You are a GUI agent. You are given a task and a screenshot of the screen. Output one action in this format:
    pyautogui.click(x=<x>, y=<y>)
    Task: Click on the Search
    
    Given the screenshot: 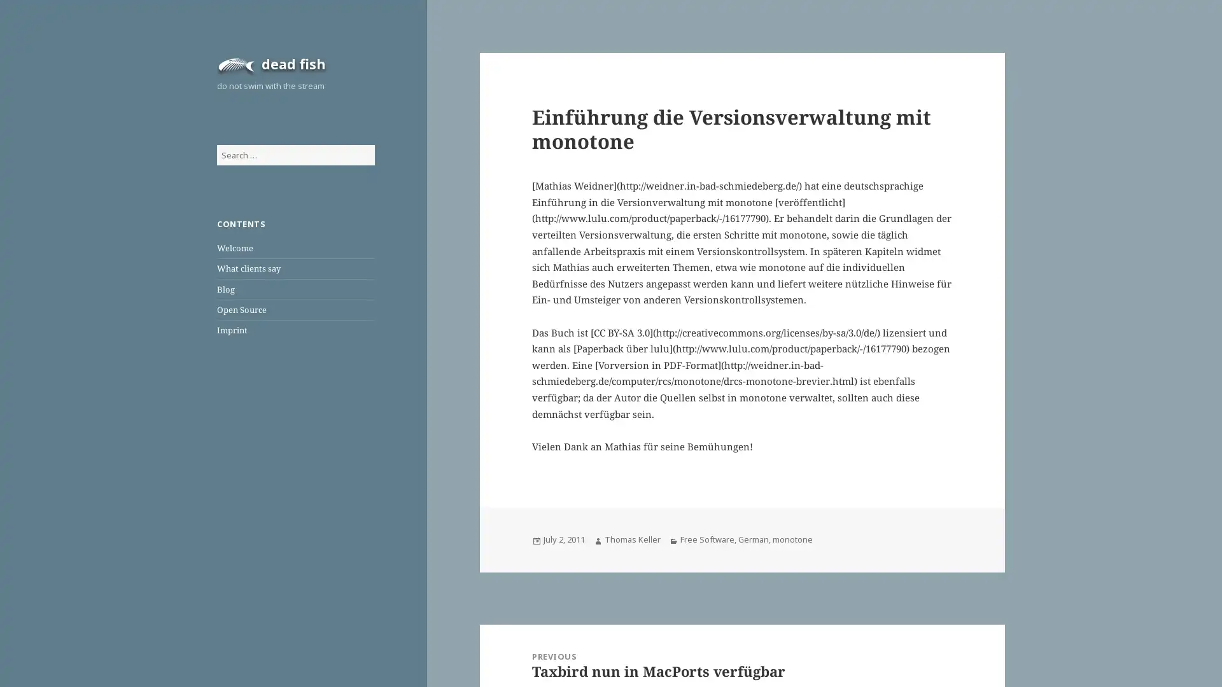 What is the action you would take?
    pyautogui.click(x=374, y=144)
    